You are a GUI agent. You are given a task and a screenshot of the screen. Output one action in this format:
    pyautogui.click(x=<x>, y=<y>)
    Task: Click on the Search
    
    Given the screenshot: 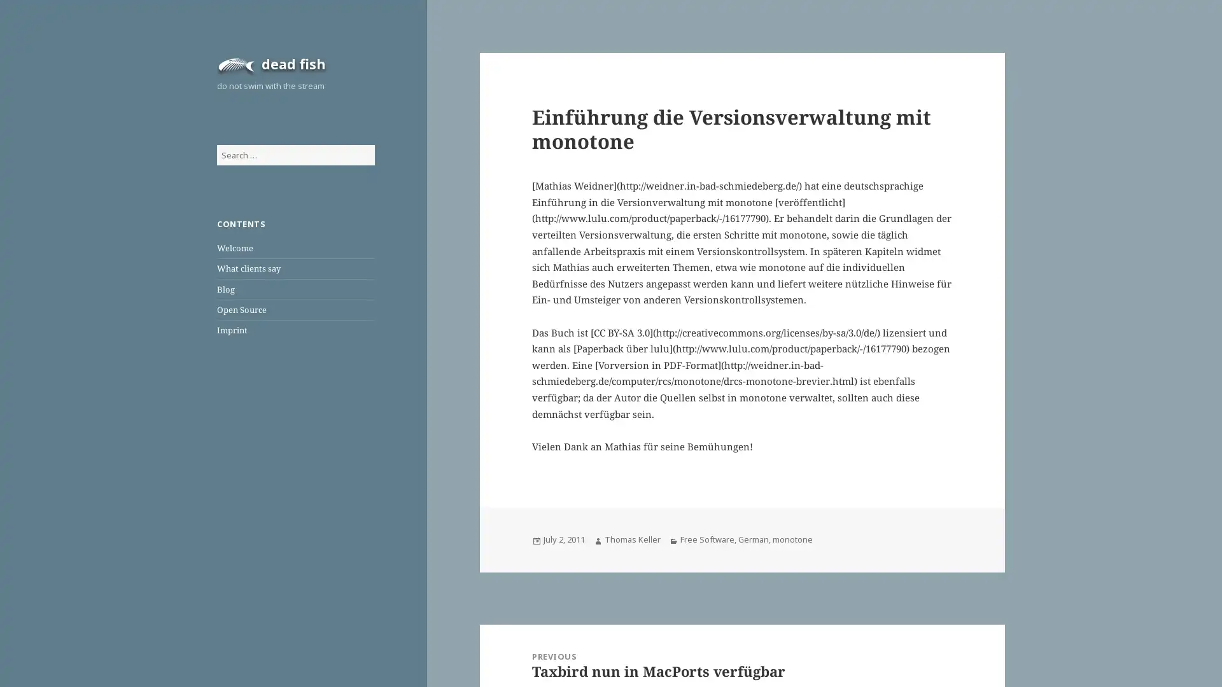 What is the action you would take?
    pyautogui.click(x=374, y=144)
    